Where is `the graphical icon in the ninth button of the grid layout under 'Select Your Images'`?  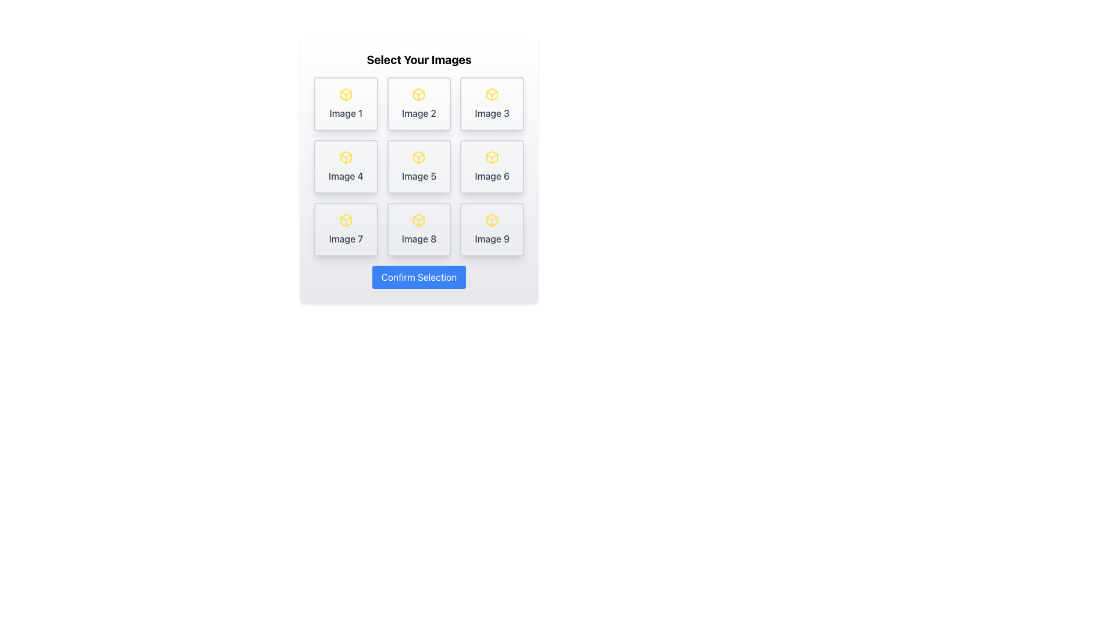
the graphical icon in the ninth button of the grid layout under 'Select Your Images' is located at coordinates (492, 220).